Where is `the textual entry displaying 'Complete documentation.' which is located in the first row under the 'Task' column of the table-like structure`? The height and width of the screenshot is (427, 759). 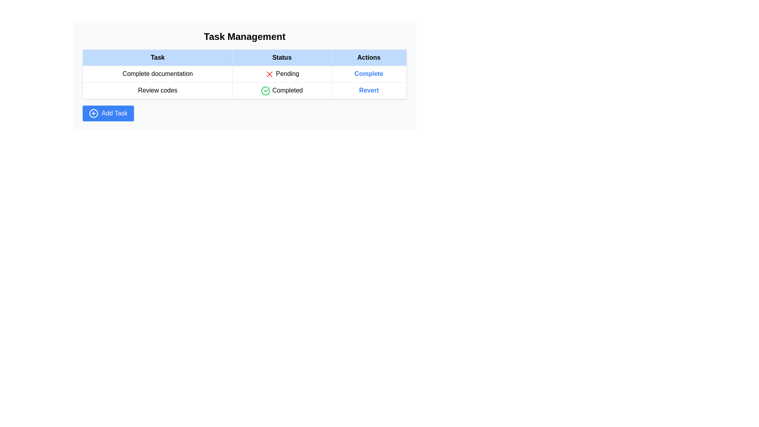 the textual entry displaying 'Complete documentation.' which is located in the first row under the 'Task' column of the table-like structure is located at coordinates (157, 74).